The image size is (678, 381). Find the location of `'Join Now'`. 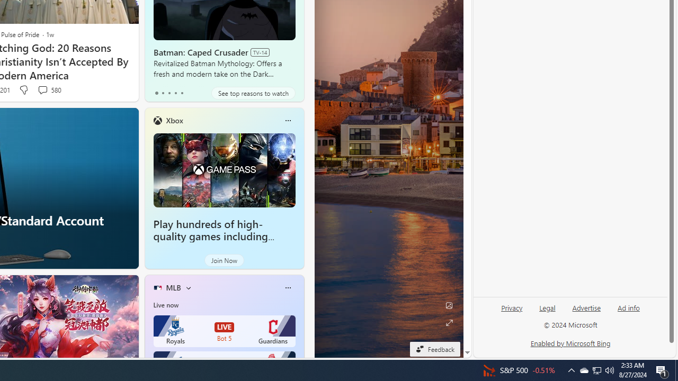

'Join Now' is located at coordinates (224, 260).